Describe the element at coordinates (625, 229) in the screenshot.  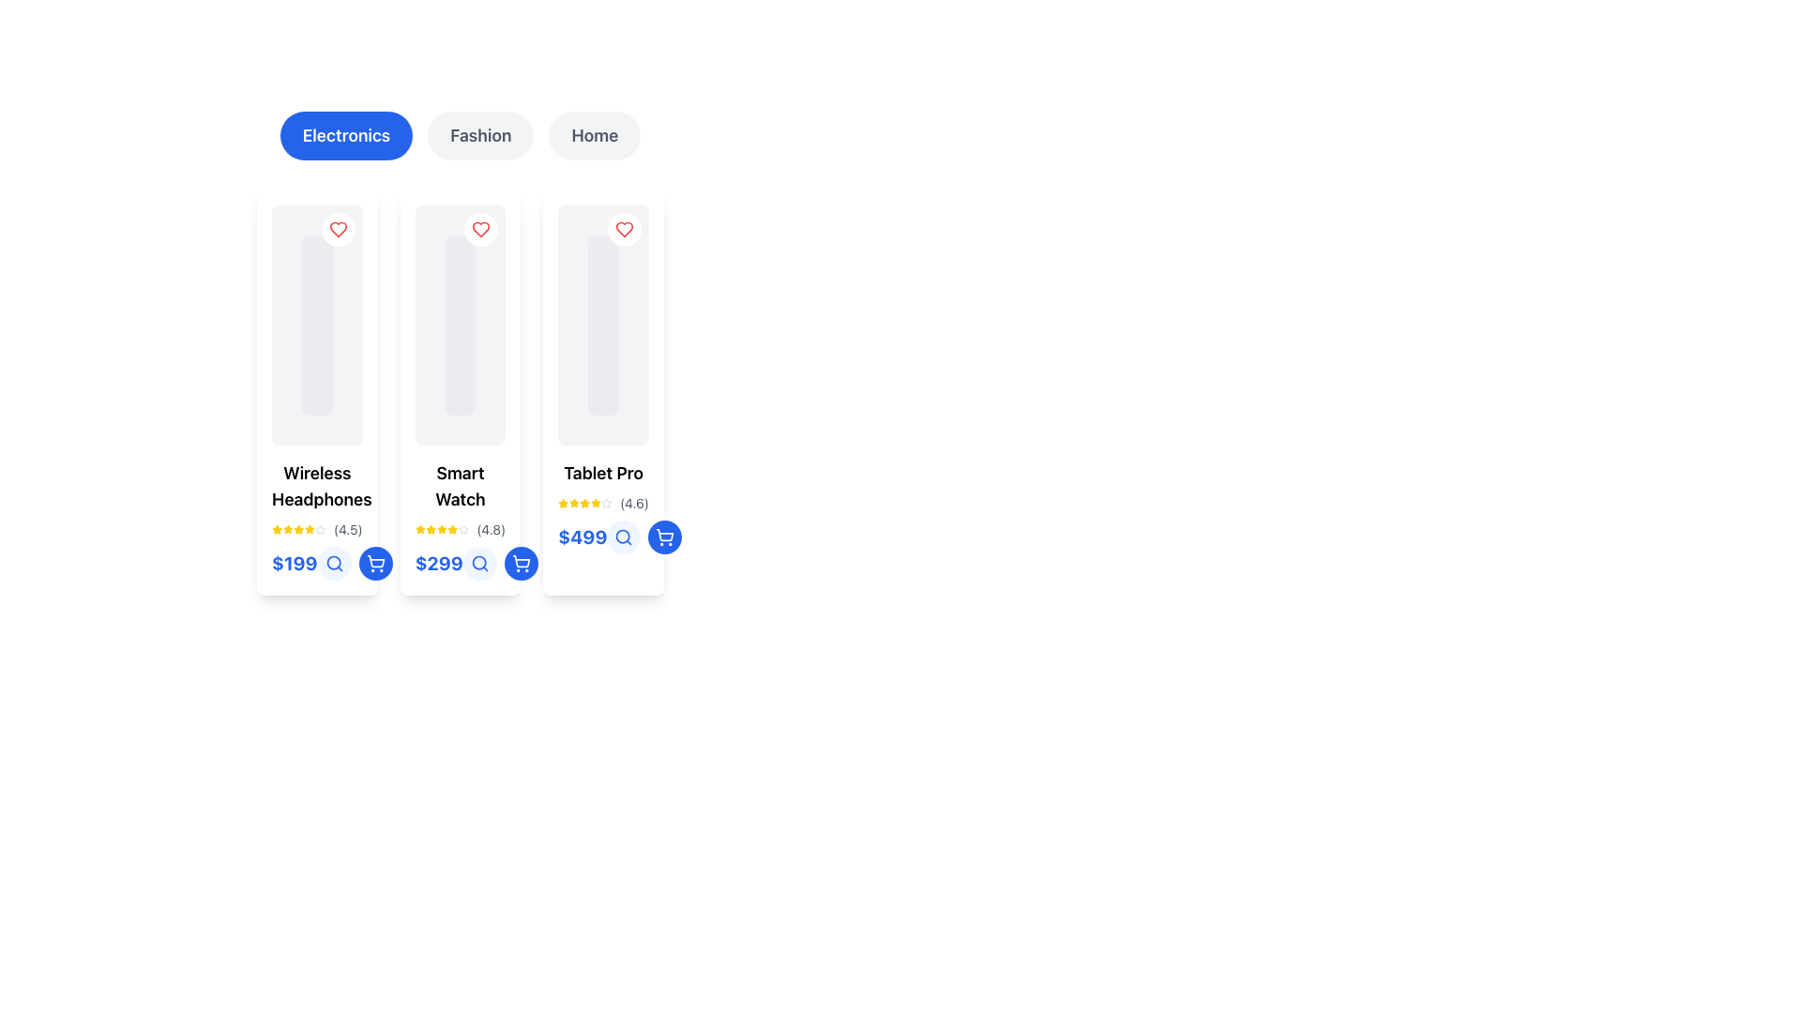
I see `the heart icon located at the top-right side of the 'Tablet Pro' card in the product listing grid to mark it as liked or a favorite` at that location.